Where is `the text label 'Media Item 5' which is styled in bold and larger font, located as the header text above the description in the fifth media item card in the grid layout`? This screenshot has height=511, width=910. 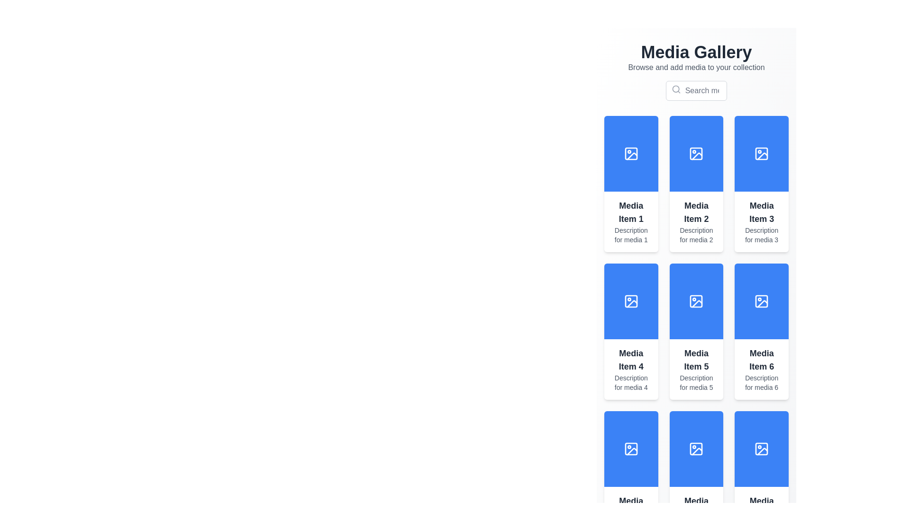 the text label 'Media Item 5' which is styled in bold and larger font, located as the header text above the description in the fifth media item card in the grid layout is located at coordinates (696, 360).